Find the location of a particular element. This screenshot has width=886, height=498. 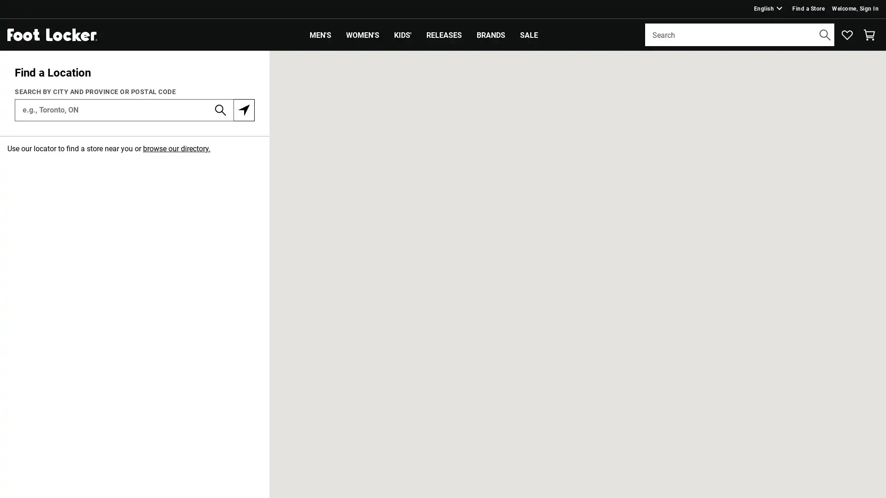

Submit a search. is located at coordinates (220, 108).